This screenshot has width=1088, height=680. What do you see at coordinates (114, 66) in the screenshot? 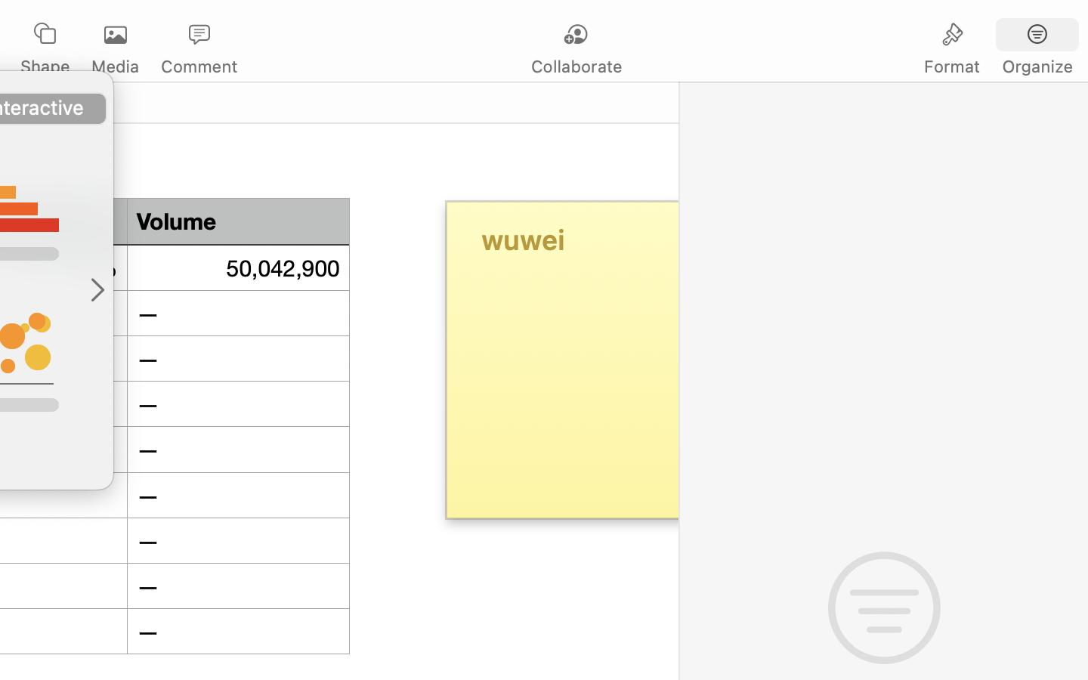
I see `'Media'` at bounding box center [114, 66].